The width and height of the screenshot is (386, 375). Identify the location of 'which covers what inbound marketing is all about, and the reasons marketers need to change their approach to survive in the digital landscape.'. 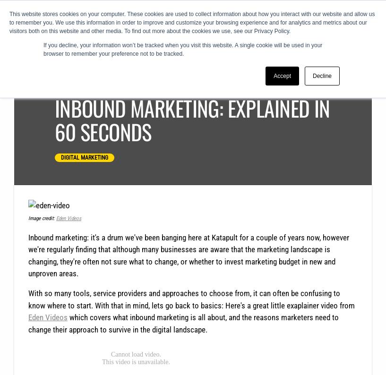
(183, 323).